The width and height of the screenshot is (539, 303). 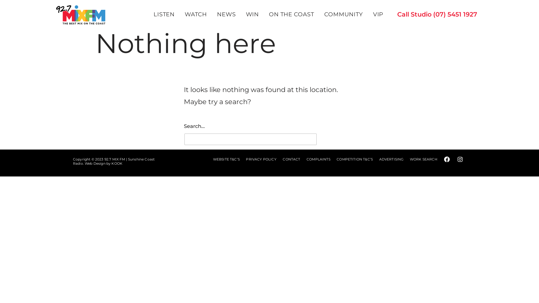 What do you see at coordinates (164, 14) in the screenshot?
I see `'LISTEN'` at bounding box center [164, 14].